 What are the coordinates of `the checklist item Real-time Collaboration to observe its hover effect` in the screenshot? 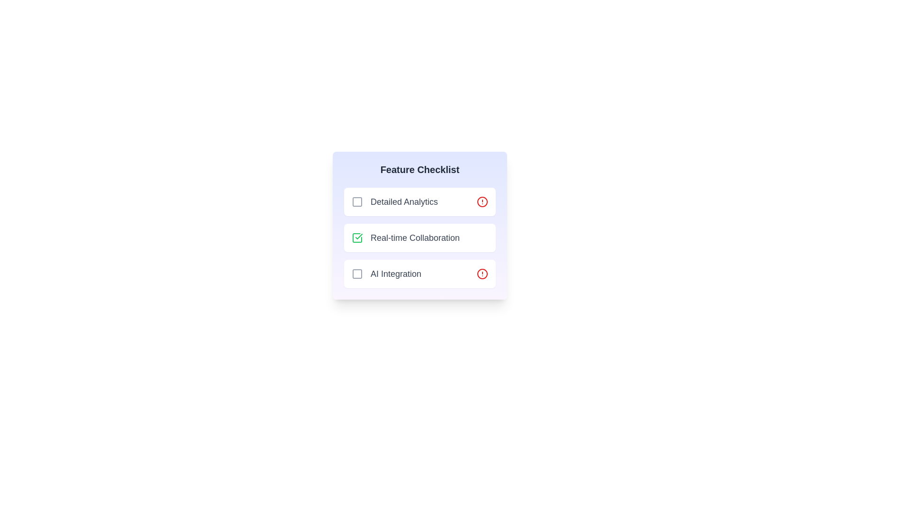 It's located at (419, 237).